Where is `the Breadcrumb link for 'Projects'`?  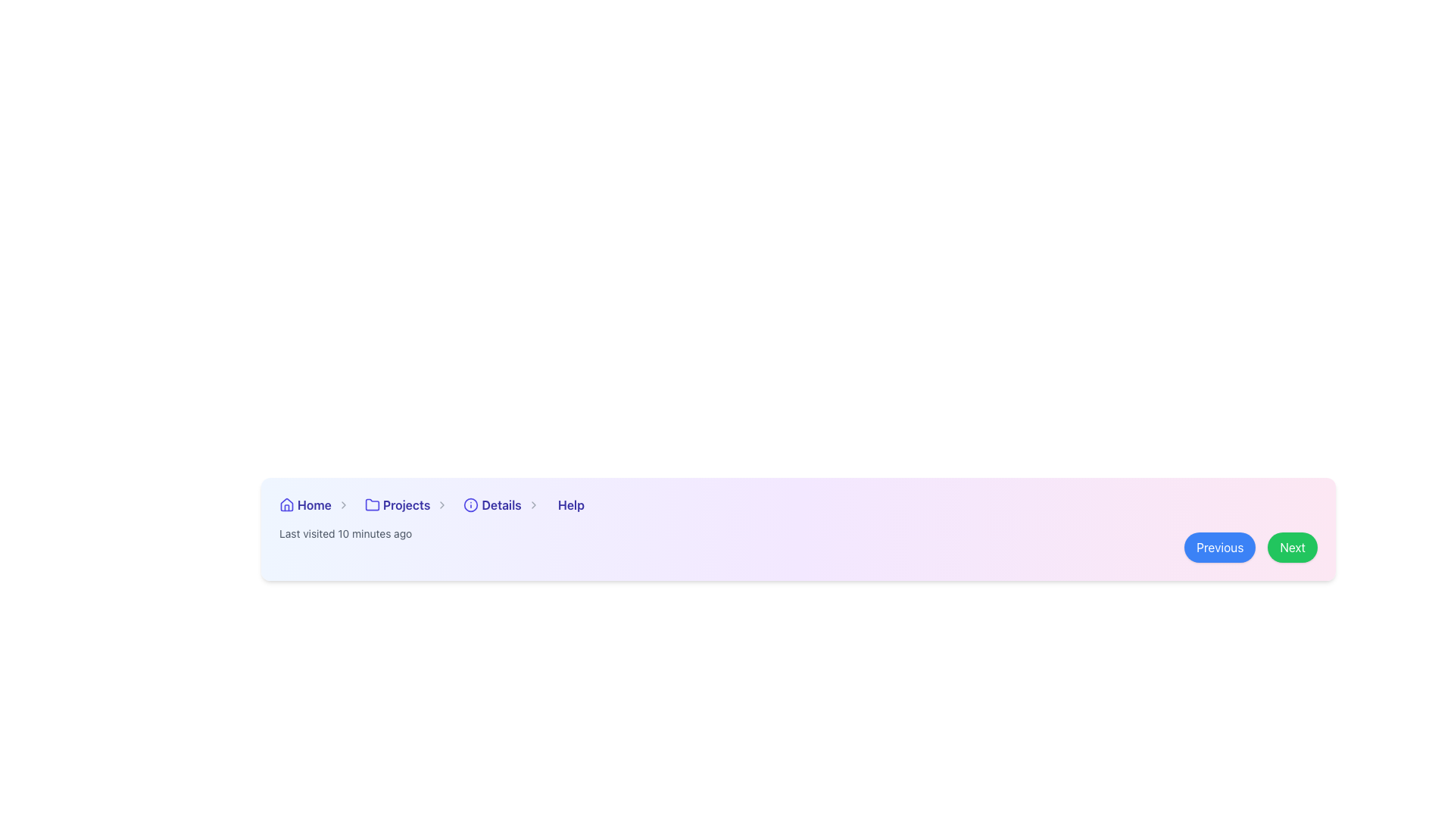
the Breadcrumb link for 'Projects' is located at coordinates (410, 505).